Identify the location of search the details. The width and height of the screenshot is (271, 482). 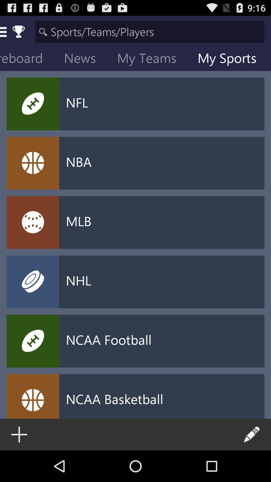
(150, 31).